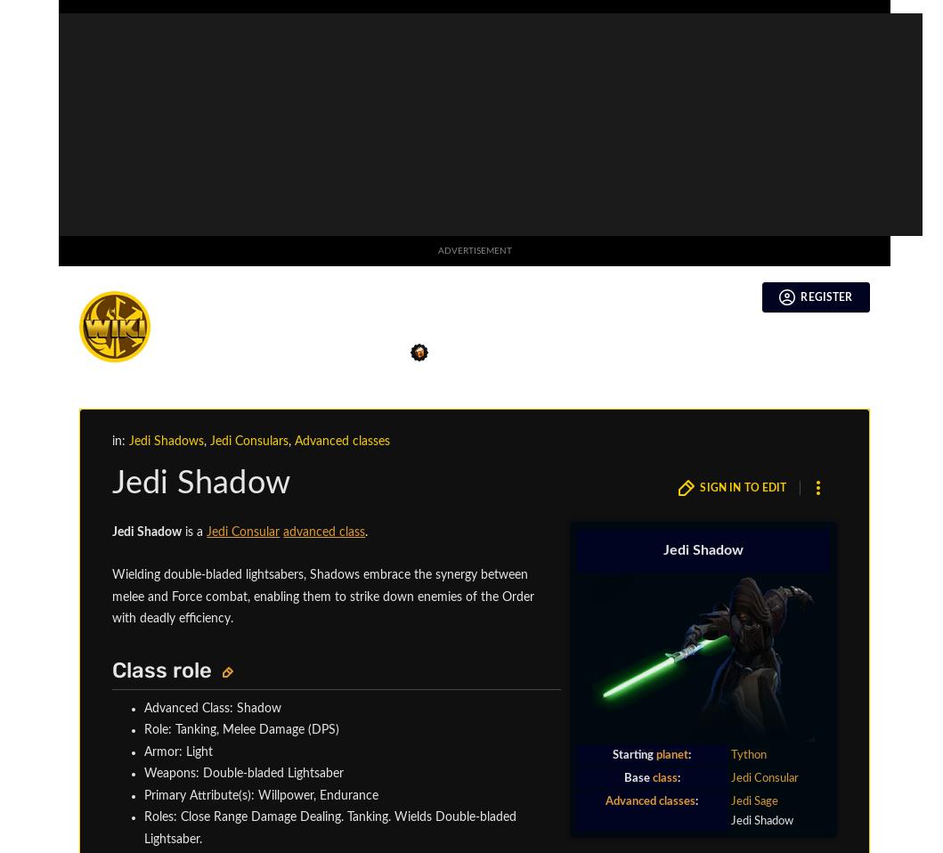  I want to click on 't', so click(136, 105).